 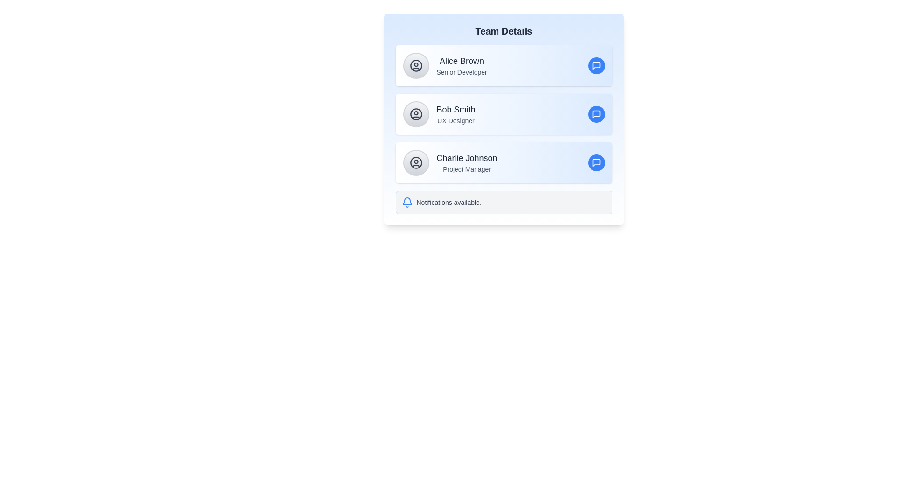 I want to click on the largest circular component of the user profile icon located to the left of the text 'Alice Brown' in the 'Team Details' list, so click(x=415, y=65).